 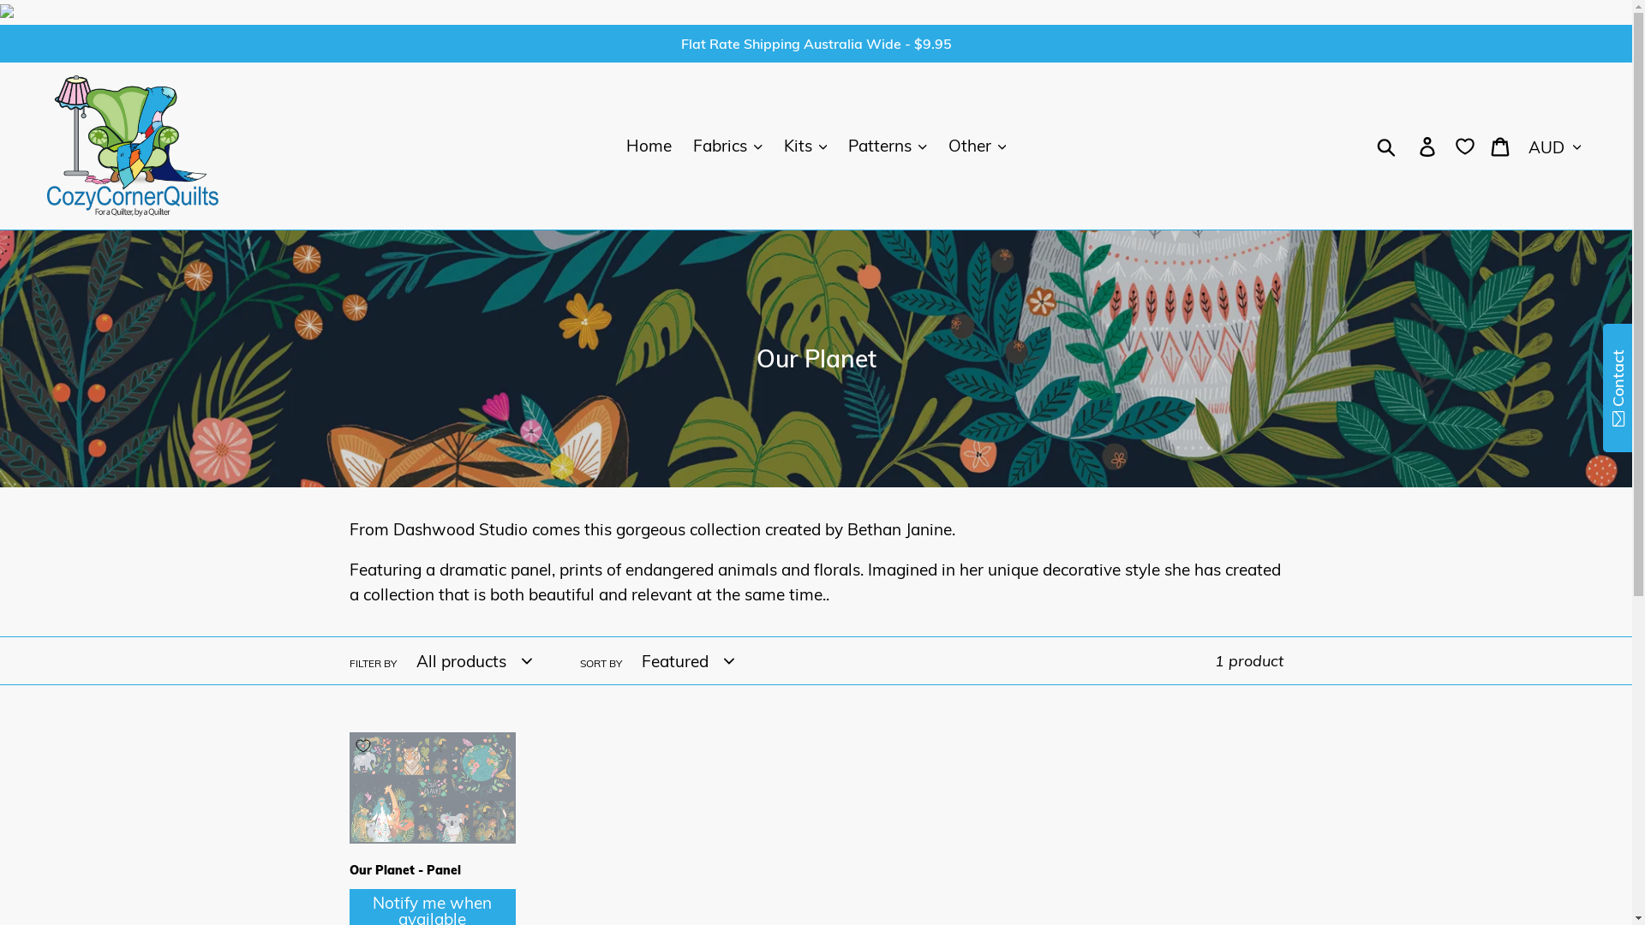 What do you see at coordinates (43, 19) in the screenshot?
I see `'Submit'` at bounding box center [43, 19].